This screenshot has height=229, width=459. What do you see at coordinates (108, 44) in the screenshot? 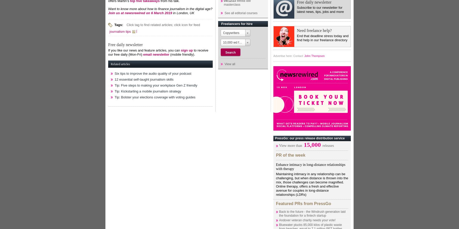
I see `'Free daily newsletter'` at bounding box center [108, 44].